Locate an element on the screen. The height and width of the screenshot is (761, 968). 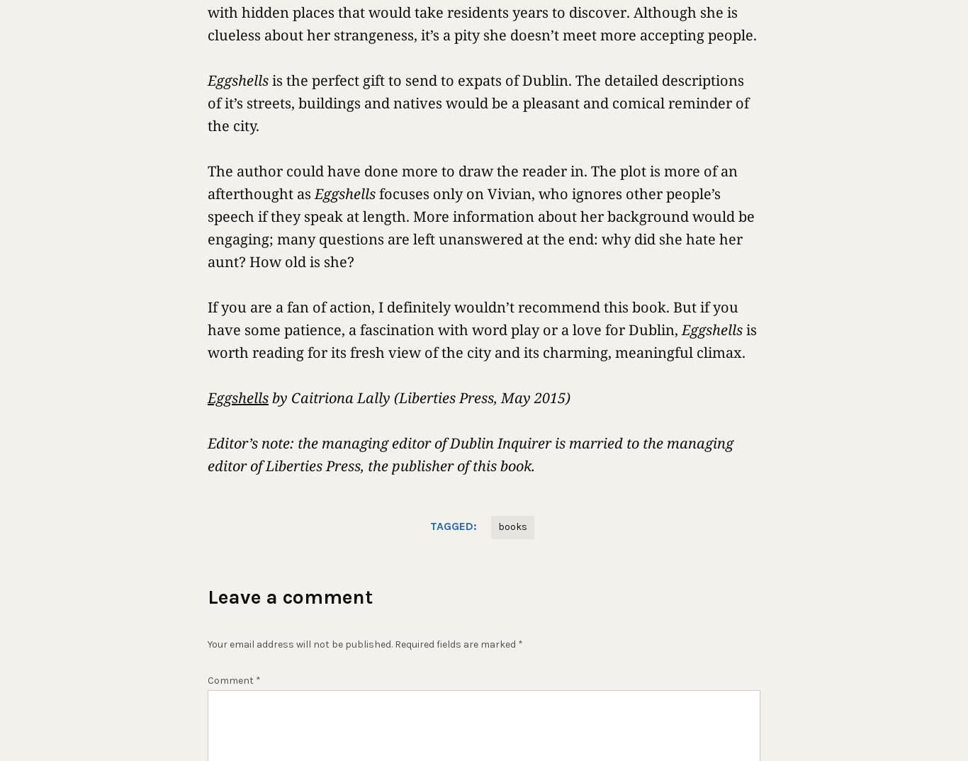
'Tagged:' is located at coordinates (452, 526).